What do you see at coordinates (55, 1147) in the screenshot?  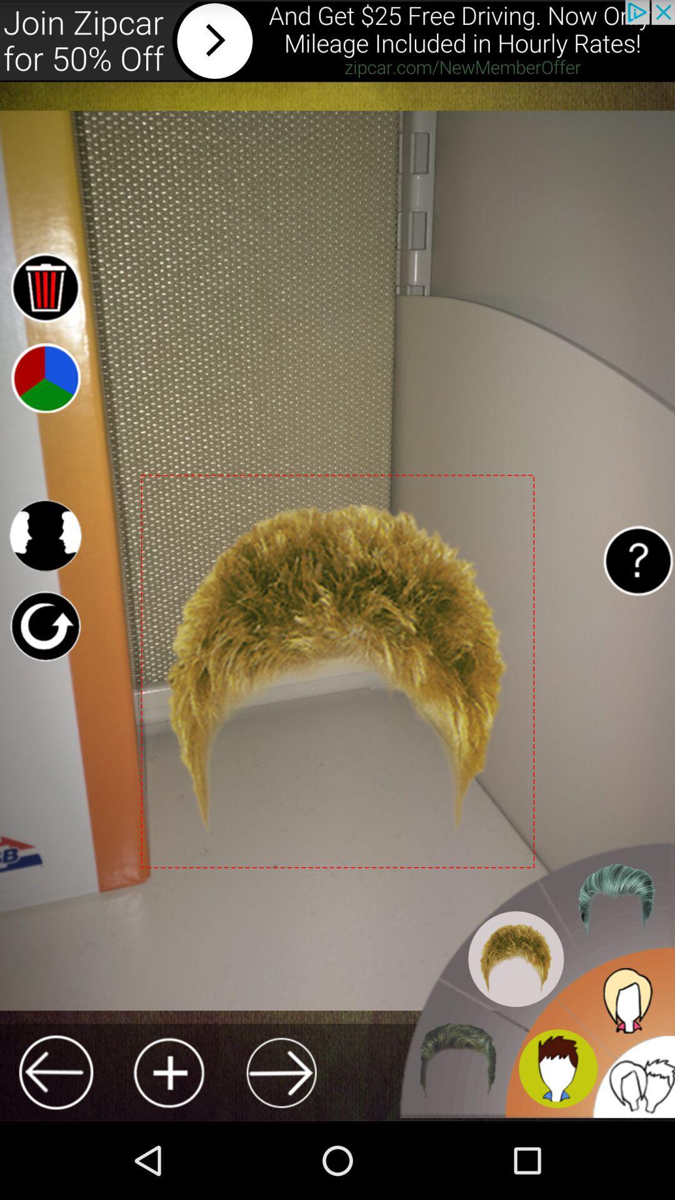 I see `the arrow_backward icon` at bounding box center [55, 1147].